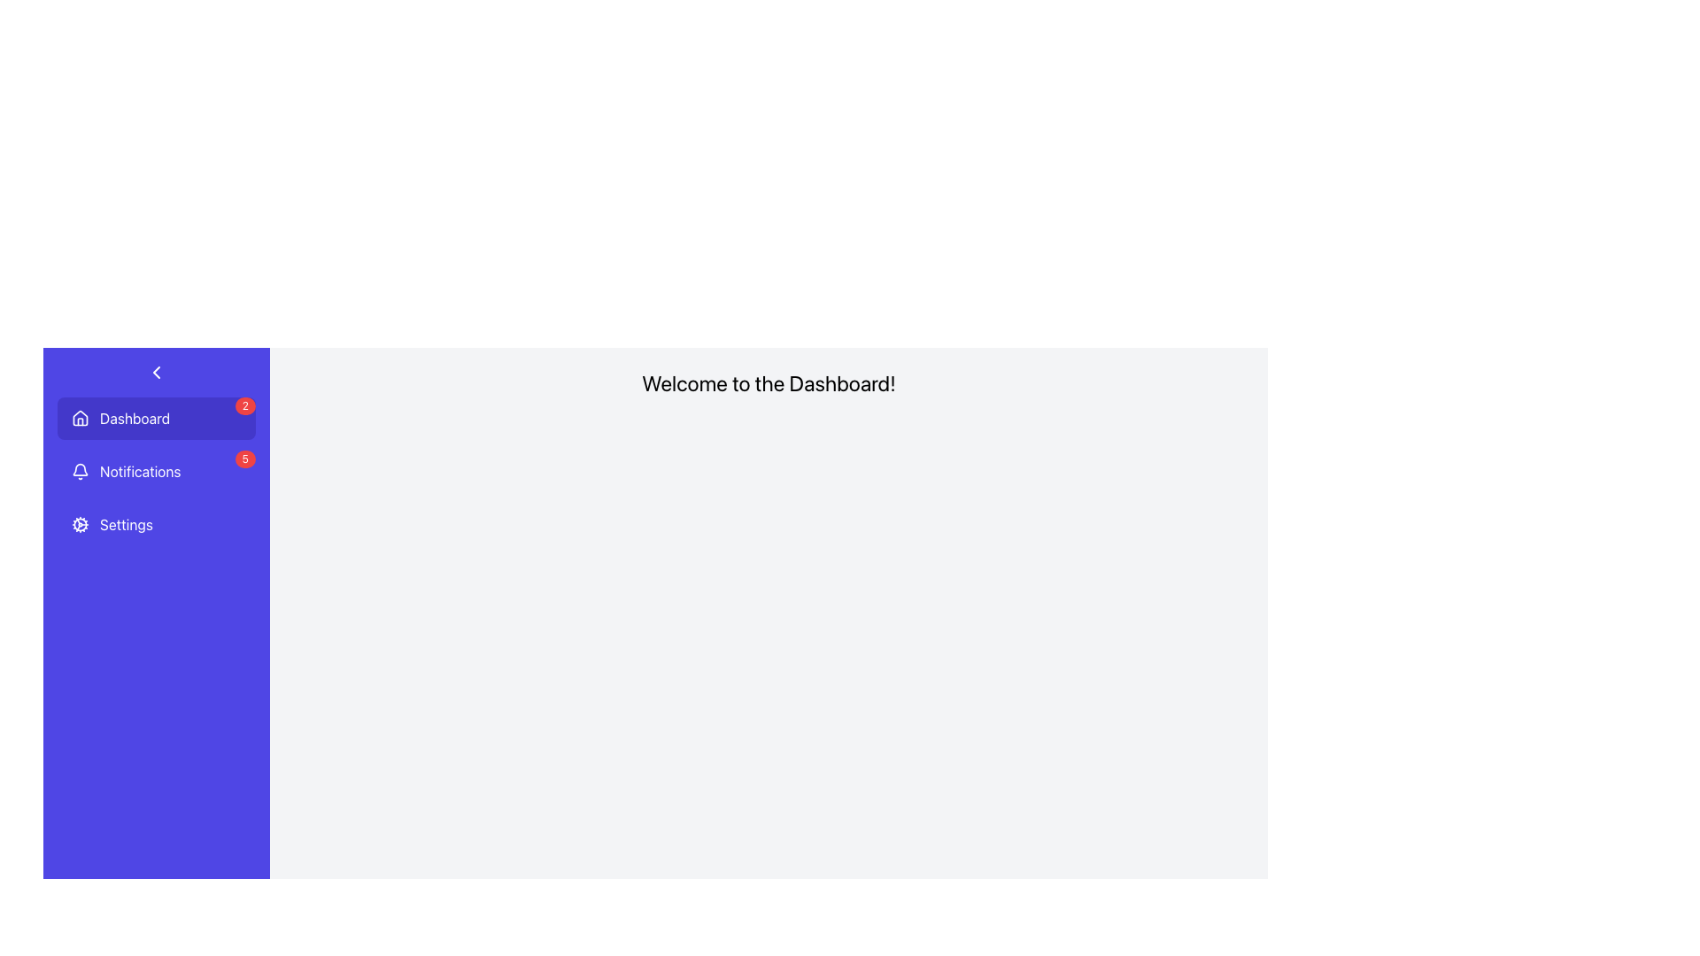 Image resolution: width=1700 pixels, height=956 pixels. Describe the element at coordinates (244, 406) in the screenshot. I see `the notification count by hovering over the notification badge located in the top-right corner of the 'Dashboard' menu entry in the sidebar` at that location.